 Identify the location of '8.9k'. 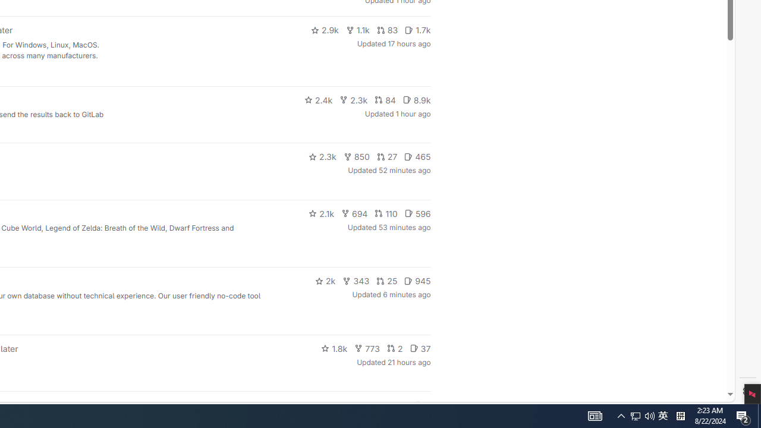
(416, 99).